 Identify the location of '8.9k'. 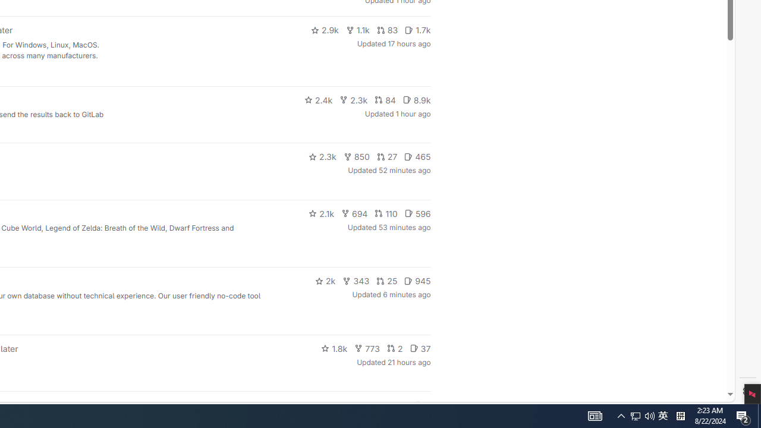
(416, 99).